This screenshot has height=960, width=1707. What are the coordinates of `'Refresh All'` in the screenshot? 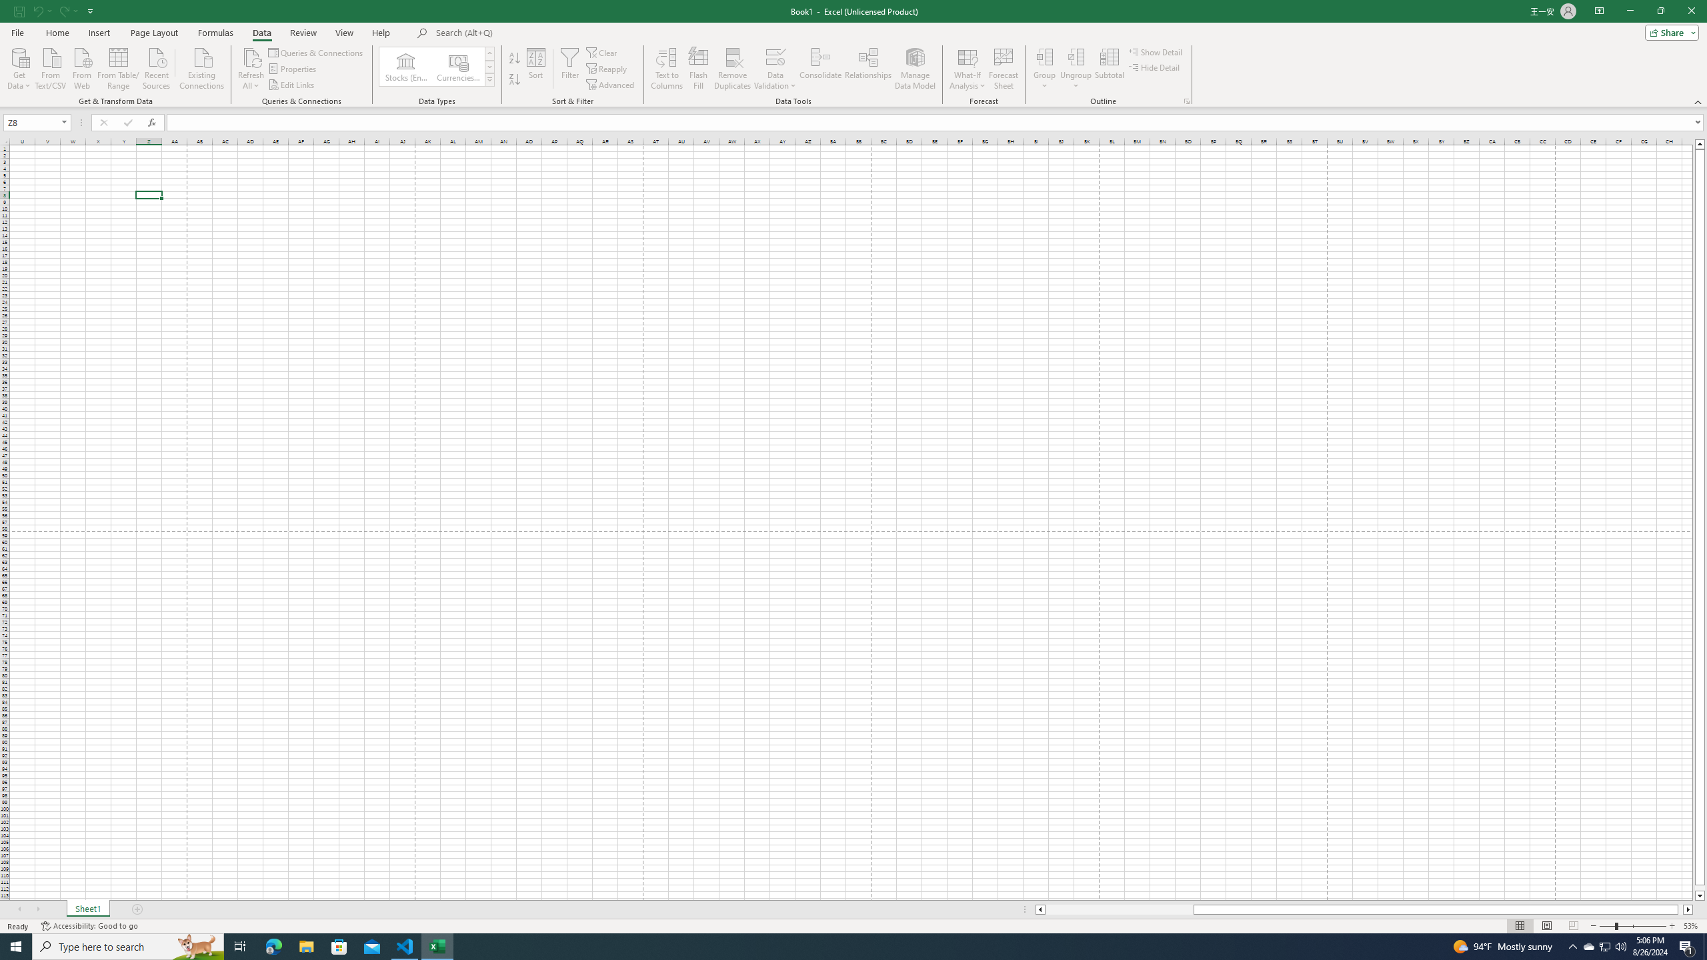 It's located at (251, 56).